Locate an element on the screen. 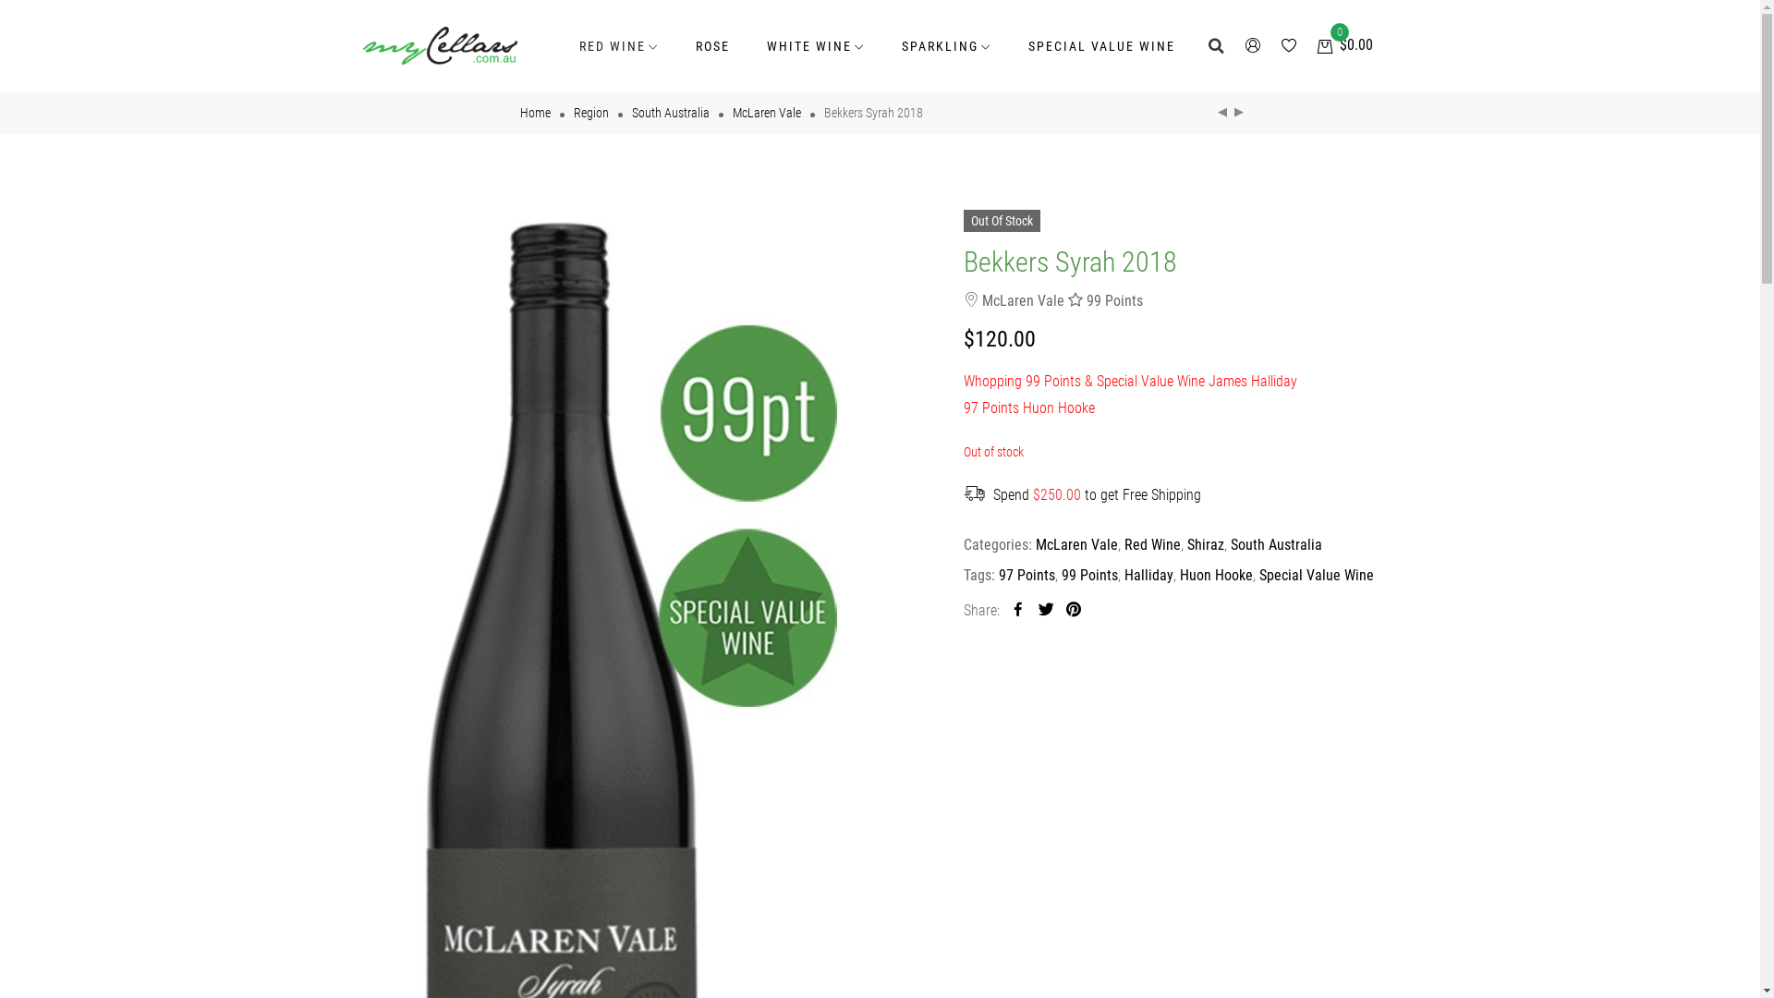  'Huon Hooke' is located at coordinates (1215, 574).